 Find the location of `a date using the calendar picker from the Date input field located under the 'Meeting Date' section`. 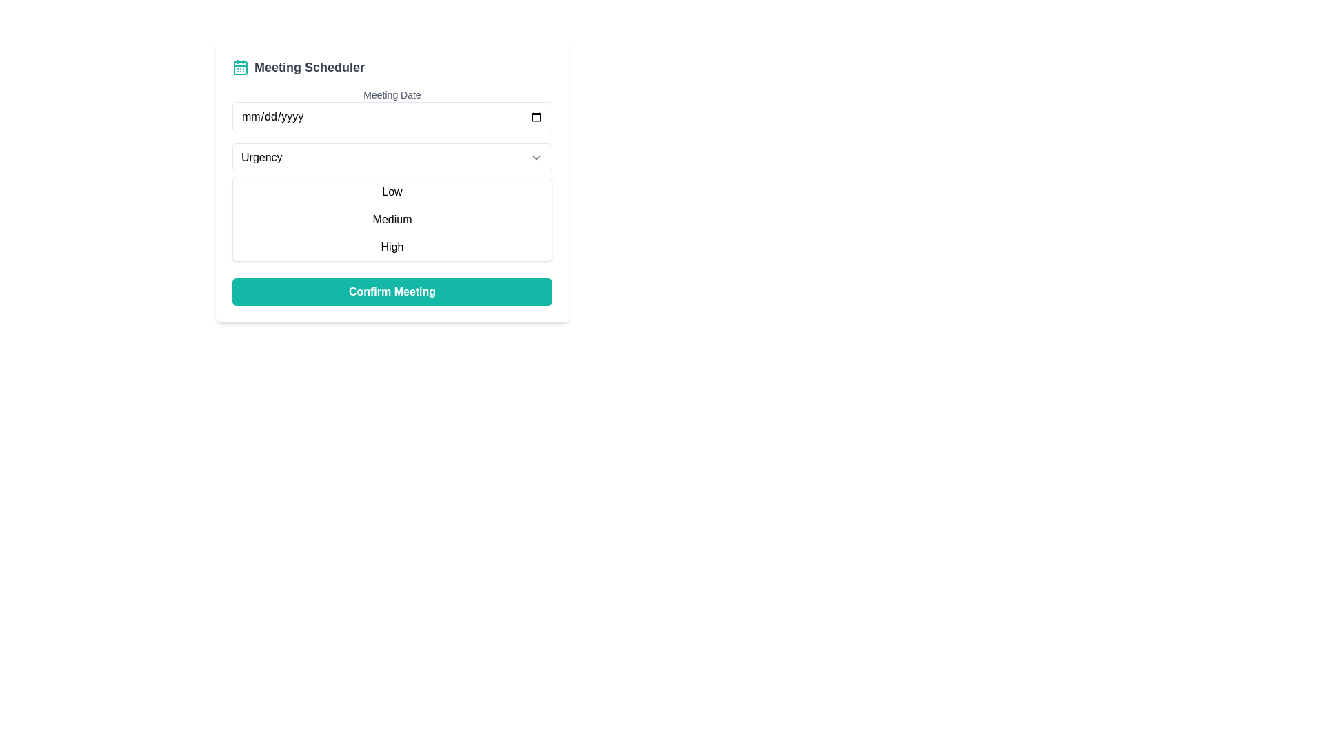

a date using the calendar picker from the Date input field located under the 'Meeting Date' section is located at coordinates (392, 116).